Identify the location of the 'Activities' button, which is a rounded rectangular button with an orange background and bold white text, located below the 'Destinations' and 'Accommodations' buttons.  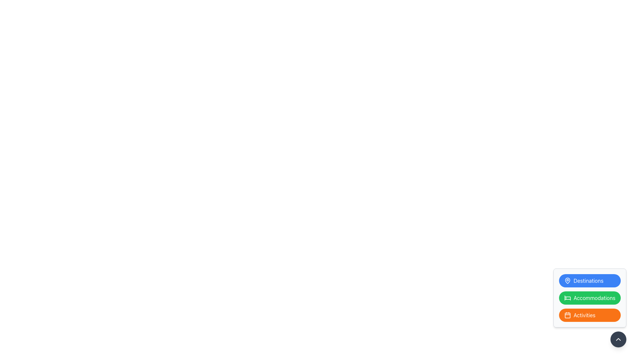
(590, 315).